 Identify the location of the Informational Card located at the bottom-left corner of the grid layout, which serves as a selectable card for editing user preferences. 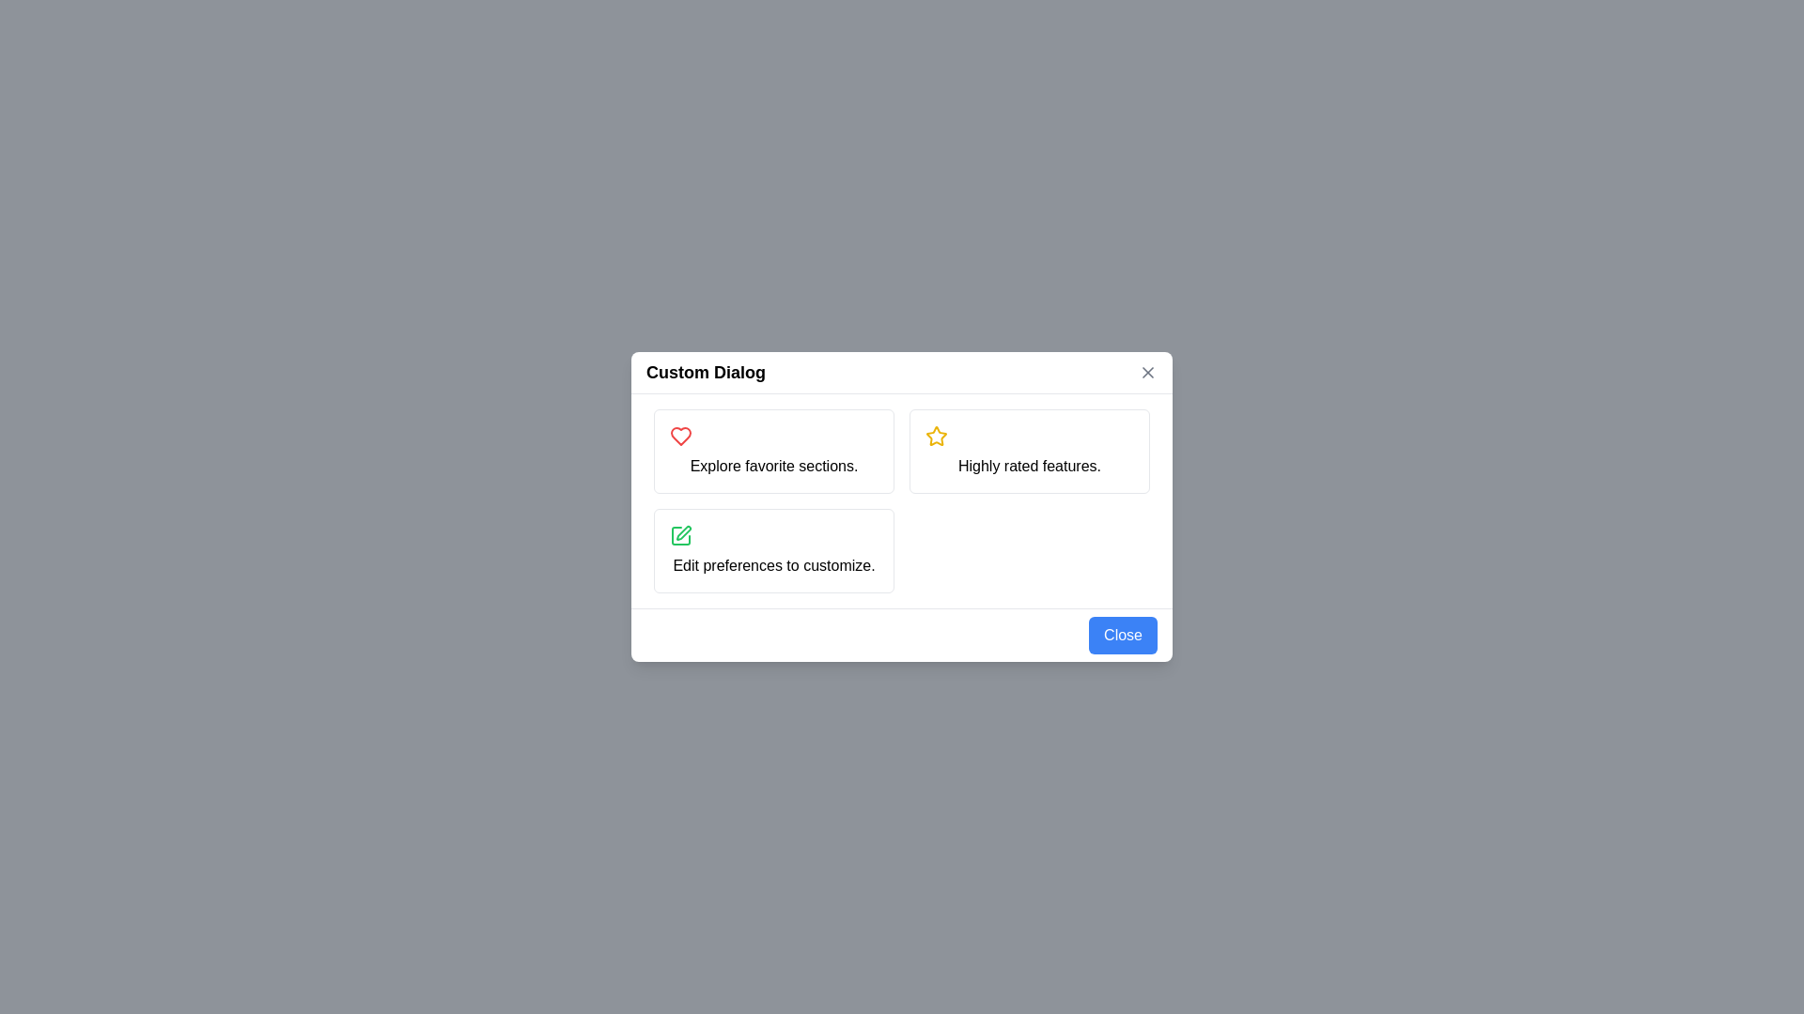
(774, 549).